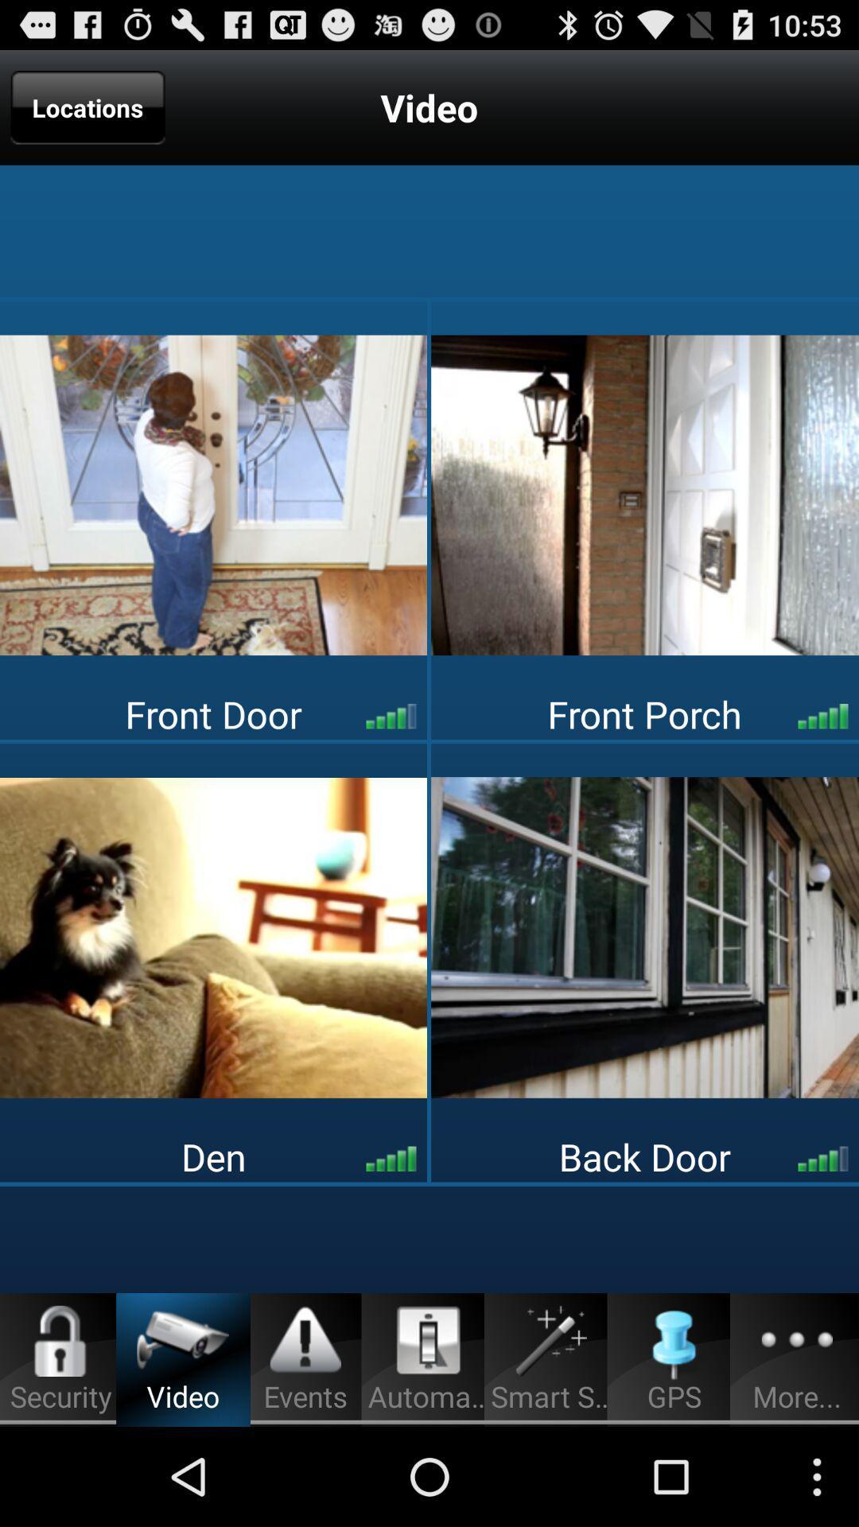 The width and height of the screenshot is (859, 1527). What do you see at coordinates (212, 494) in the screenshot?
I see `video for front door` at bounding box center [212, 494].